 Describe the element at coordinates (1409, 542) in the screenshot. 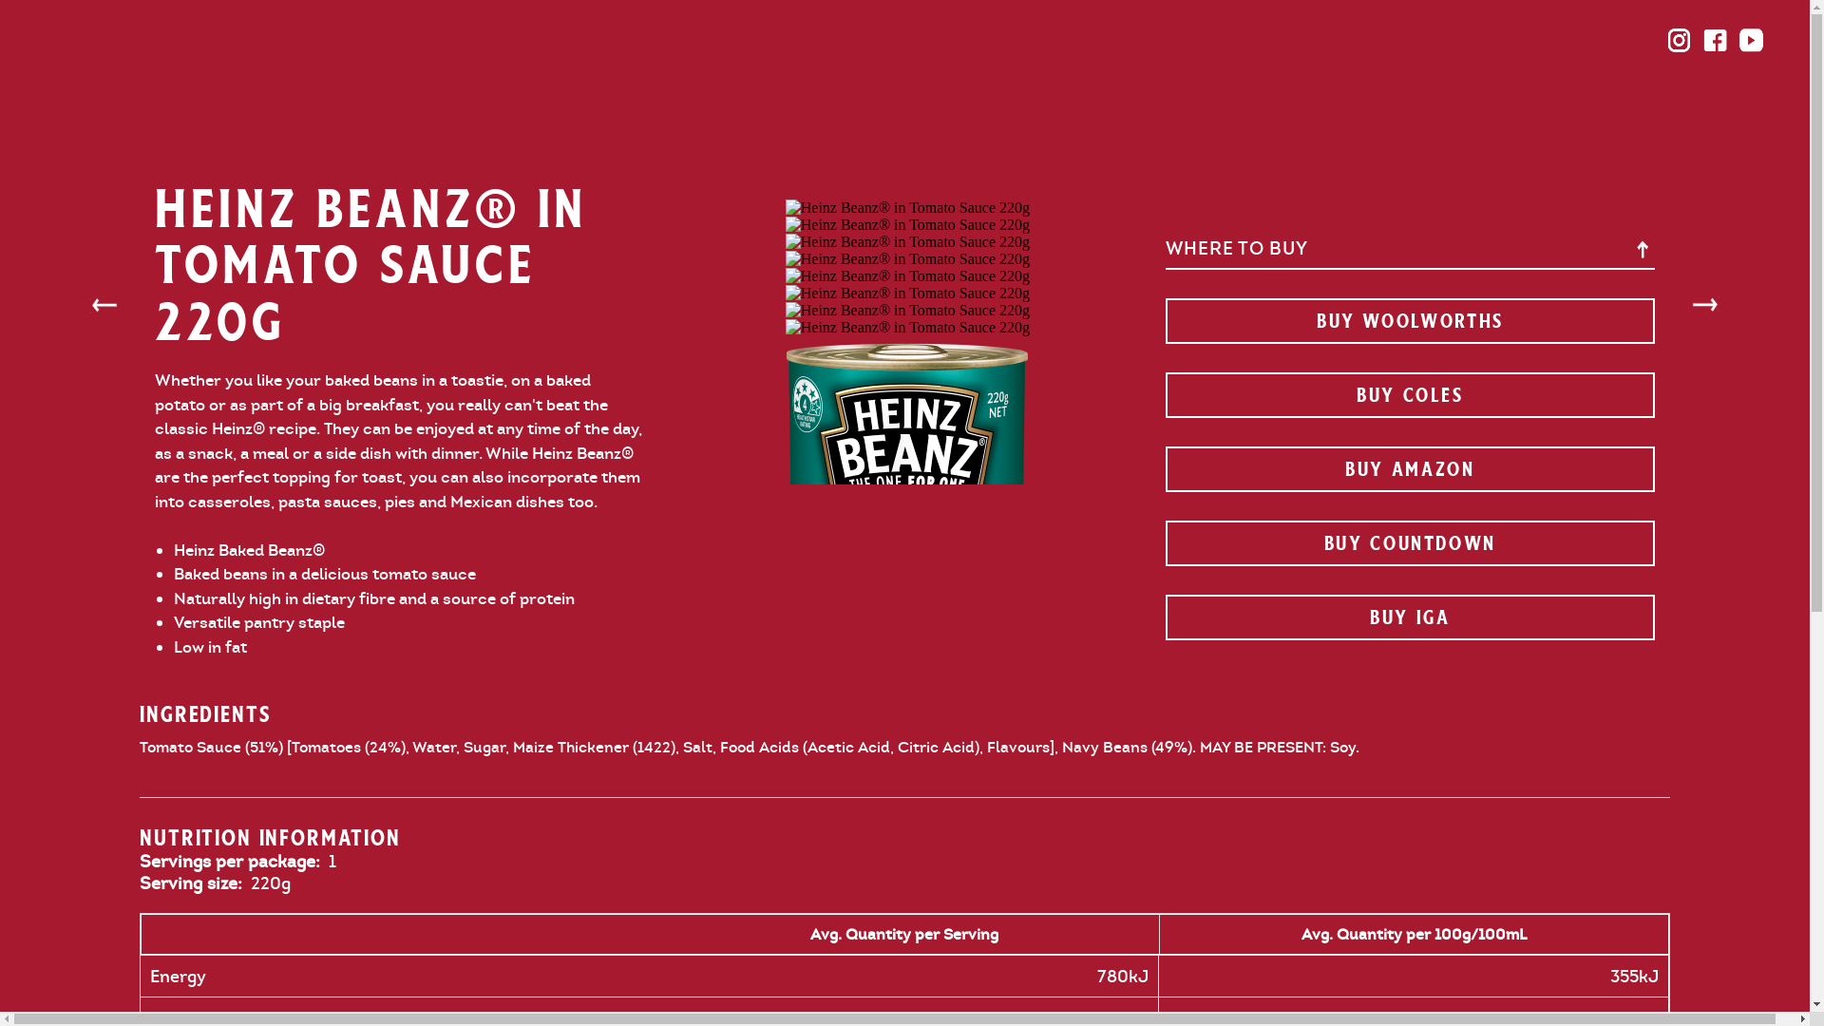

I see `'Buy countdown'` at that location.